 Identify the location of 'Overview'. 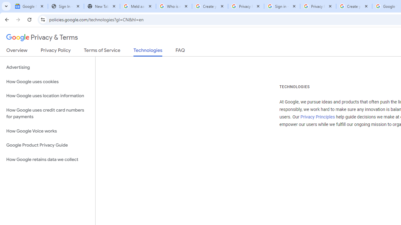
(17, 51).